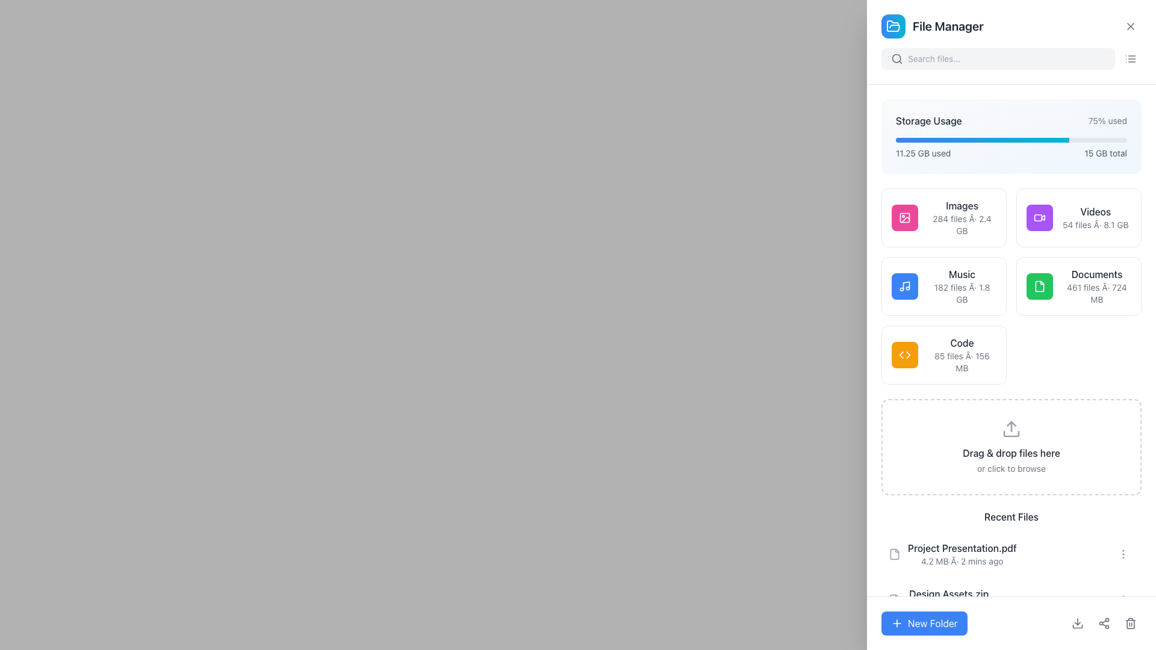 The image size is (1156, 650). Describe the element at coordinates (948, 599) in the screenshot. I see `the file item entry representing a recent file in the list` at that location.